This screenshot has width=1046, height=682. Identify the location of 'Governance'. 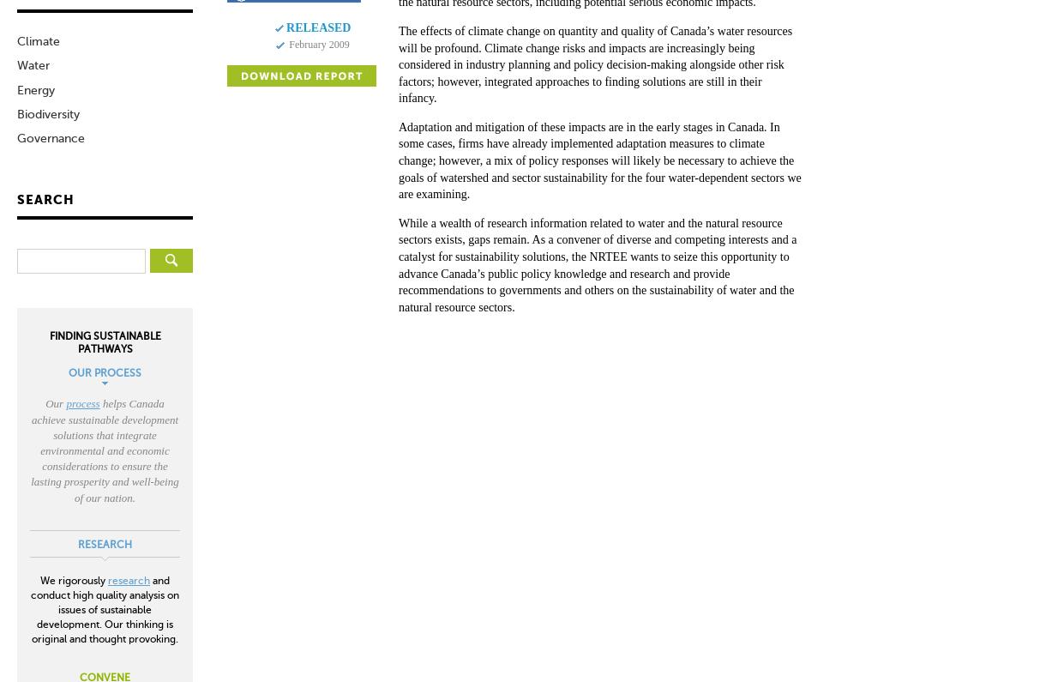
(50, 136).